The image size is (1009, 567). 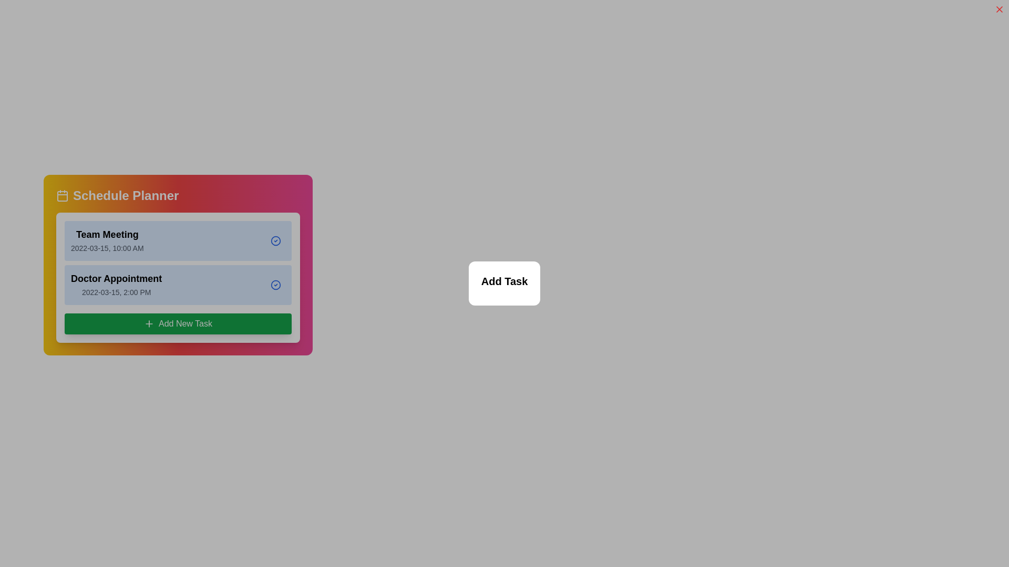 What do you see at coordinates (998, 9) in the screenshot?
I see `the cross-shaped icon in the upper-right corner of the interface` at bounding box center [998, 9].